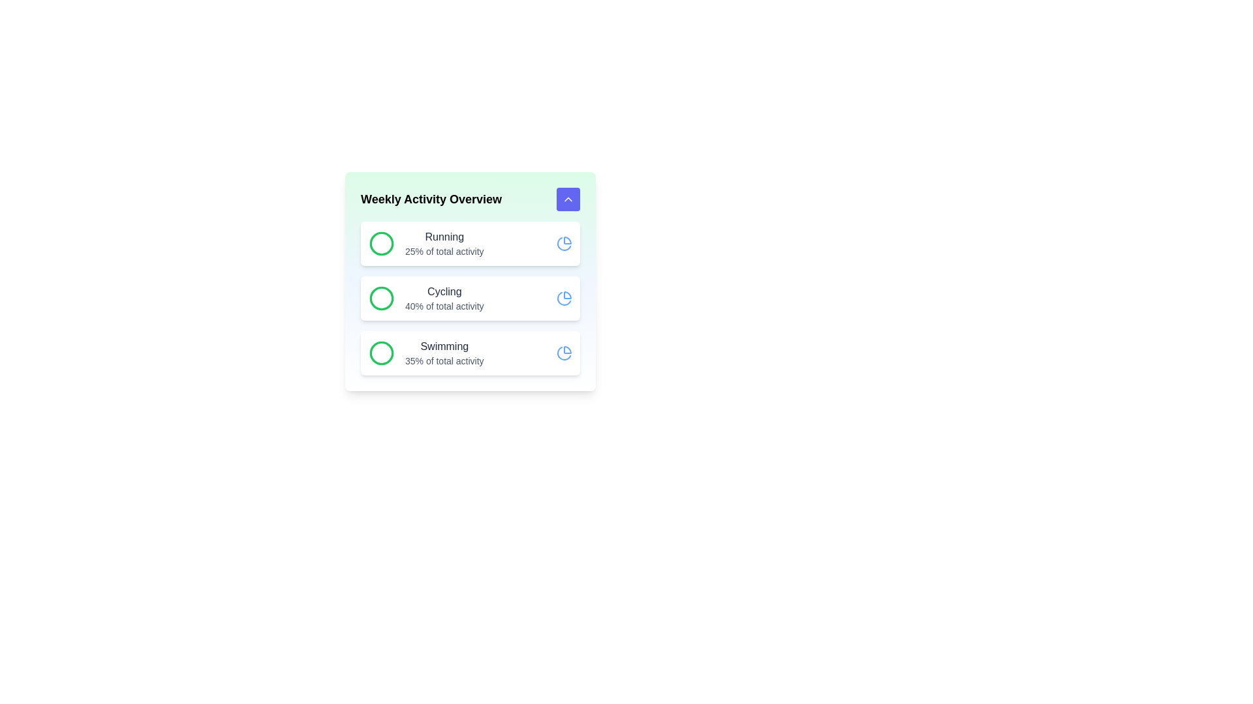  Describe the element at coordinates (567, 349) in the screenshot. I see `the pie chart icon, which is styled in blue and located at the top-right area of the 'Weekly Activity Overview' card` at that location.